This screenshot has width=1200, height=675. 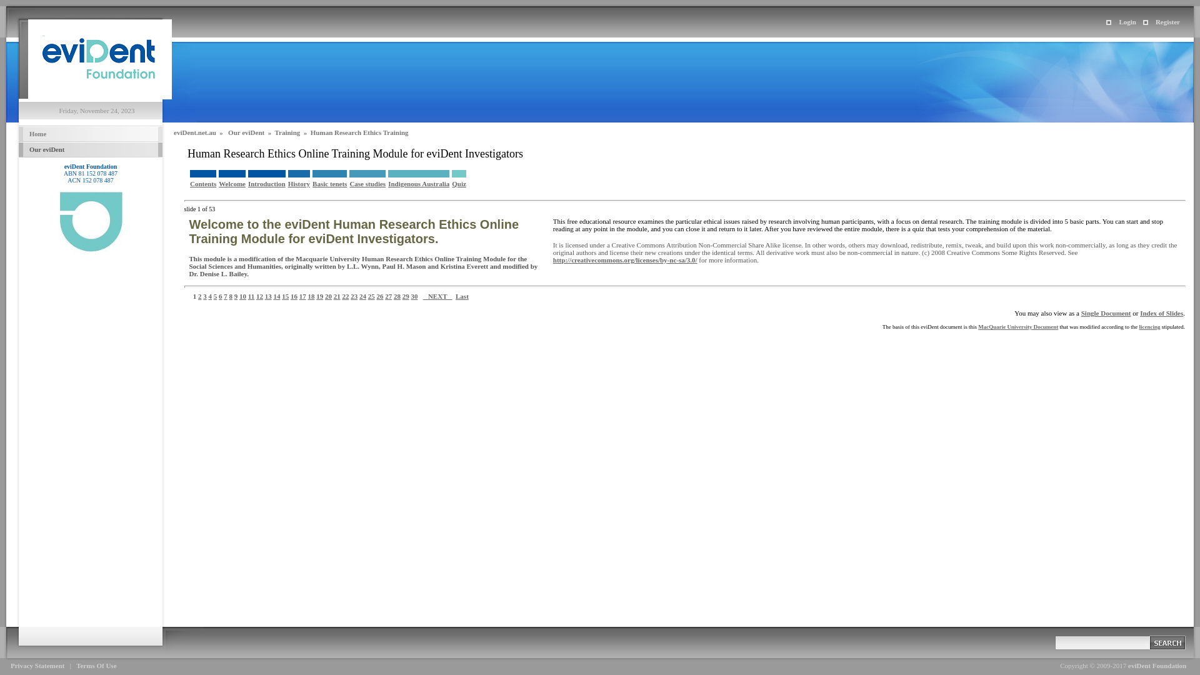 I want to click on '13', so click(x=267, y=296).